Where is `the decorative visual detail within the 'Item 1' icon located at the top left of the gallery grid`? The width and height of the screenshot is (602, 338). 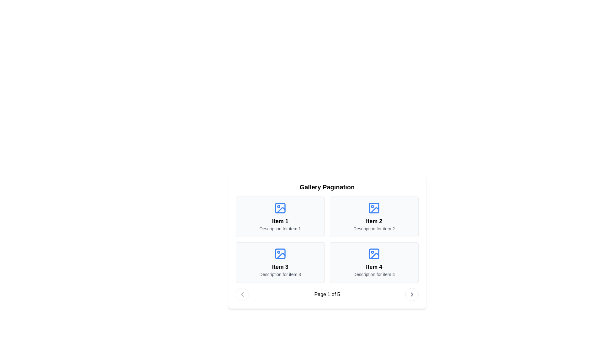
the decorative visual detail within the 'Item 1' icon located at the top left of the gallery grid is located at coordinates (281, 210).